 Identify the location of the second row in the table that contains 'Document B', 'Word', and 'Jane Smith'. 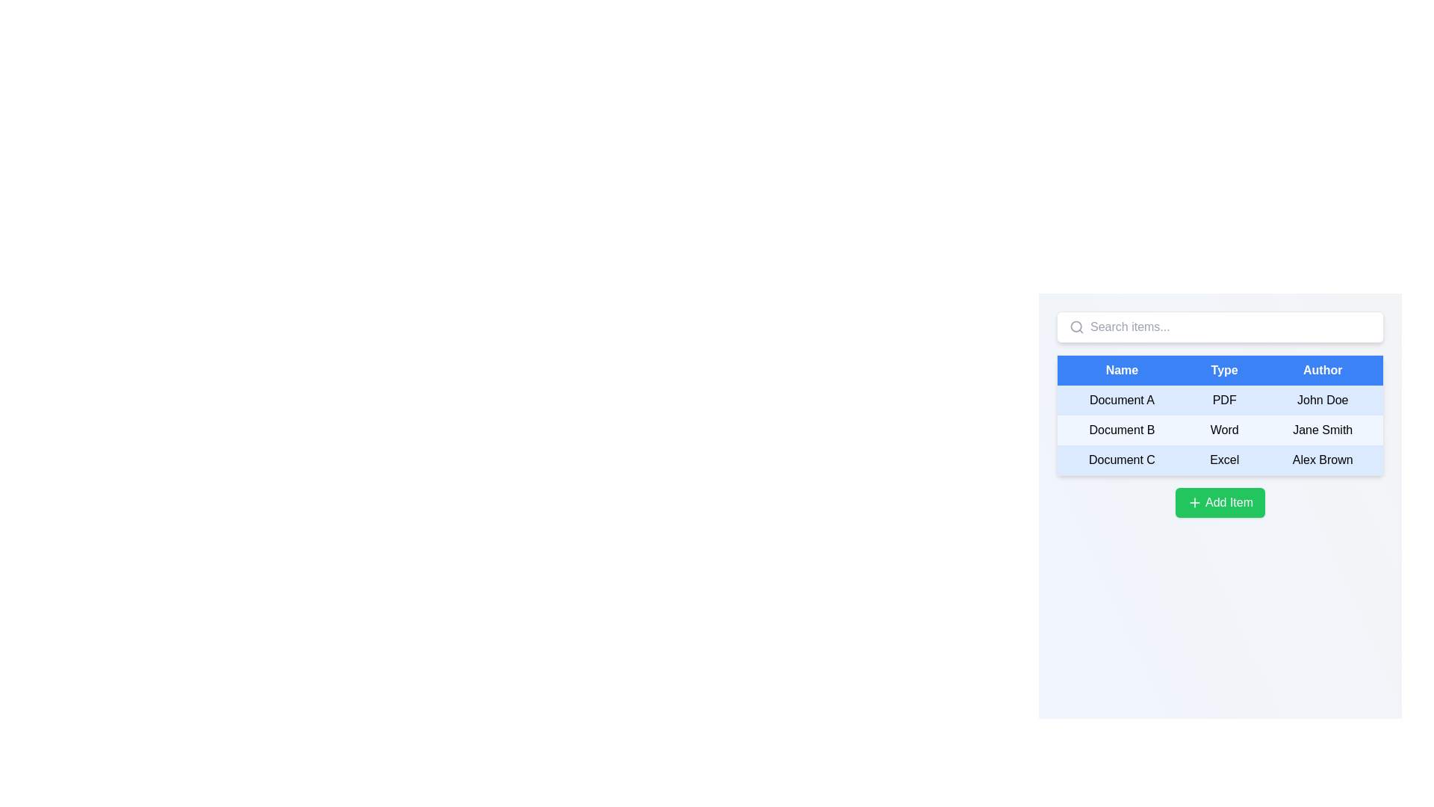
(1220, 430).